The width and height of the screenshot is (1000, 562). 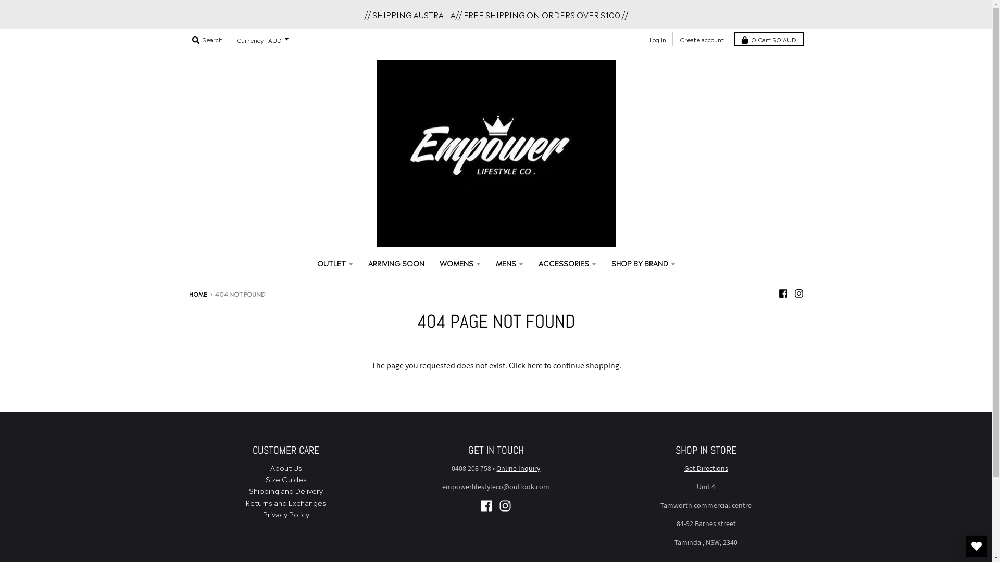 What do you see at coordinates (706, 467) in the screenshot?
I see `'Get Directions'` at bounding box center [706, 467].